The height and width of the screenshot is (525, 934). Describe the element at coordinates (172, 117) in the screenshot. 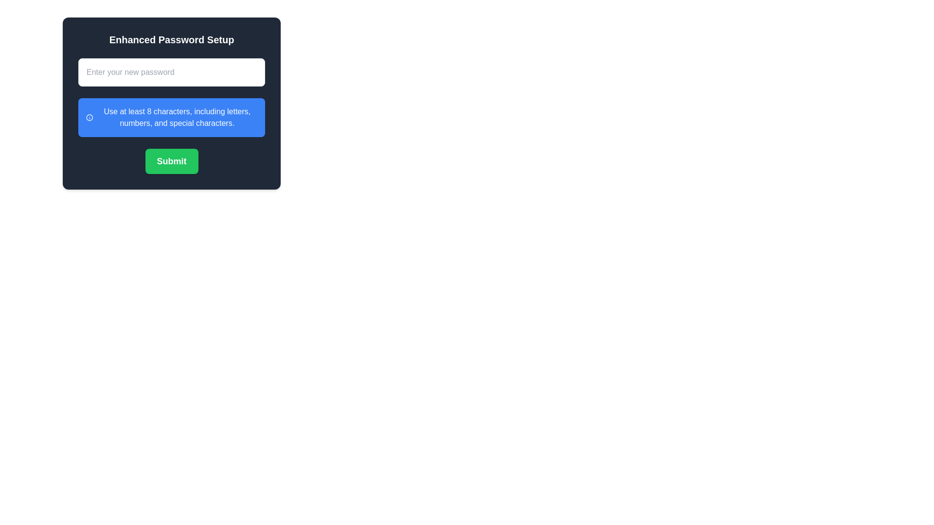

I see `the instructional notice or tooltip with a blue background and white text, which provides guidelines about password requirements, located under the 'Enter your new password' field and above the 'Submit' button` at that location.